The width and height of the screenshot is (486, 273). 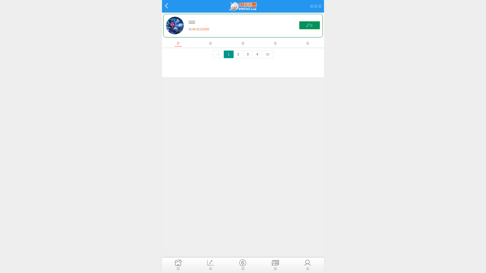 I want to click on '4', so click(x=257, y=54).